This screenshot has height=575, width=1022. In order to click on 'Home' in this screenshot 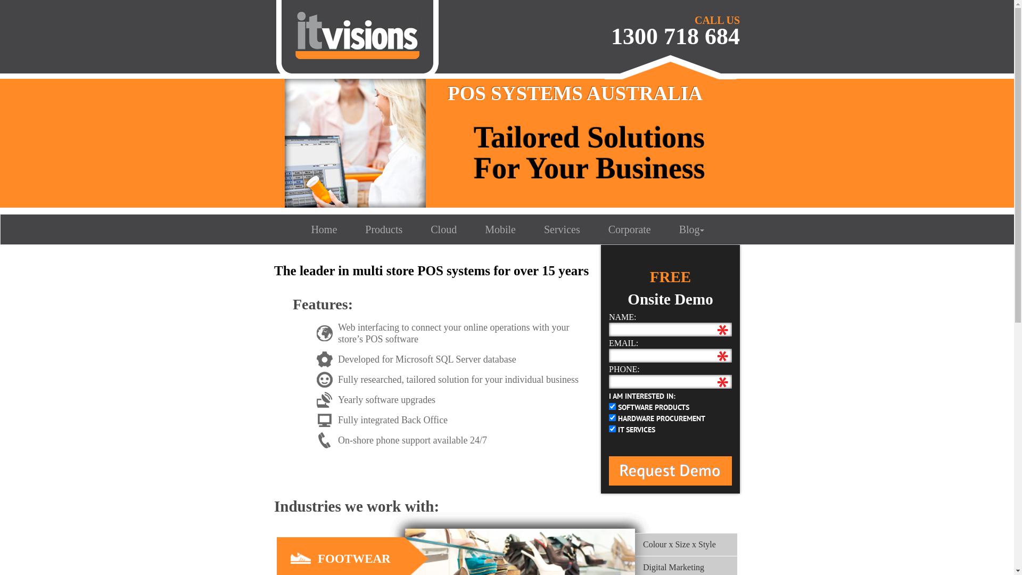, I will do `click(323, 229)`.